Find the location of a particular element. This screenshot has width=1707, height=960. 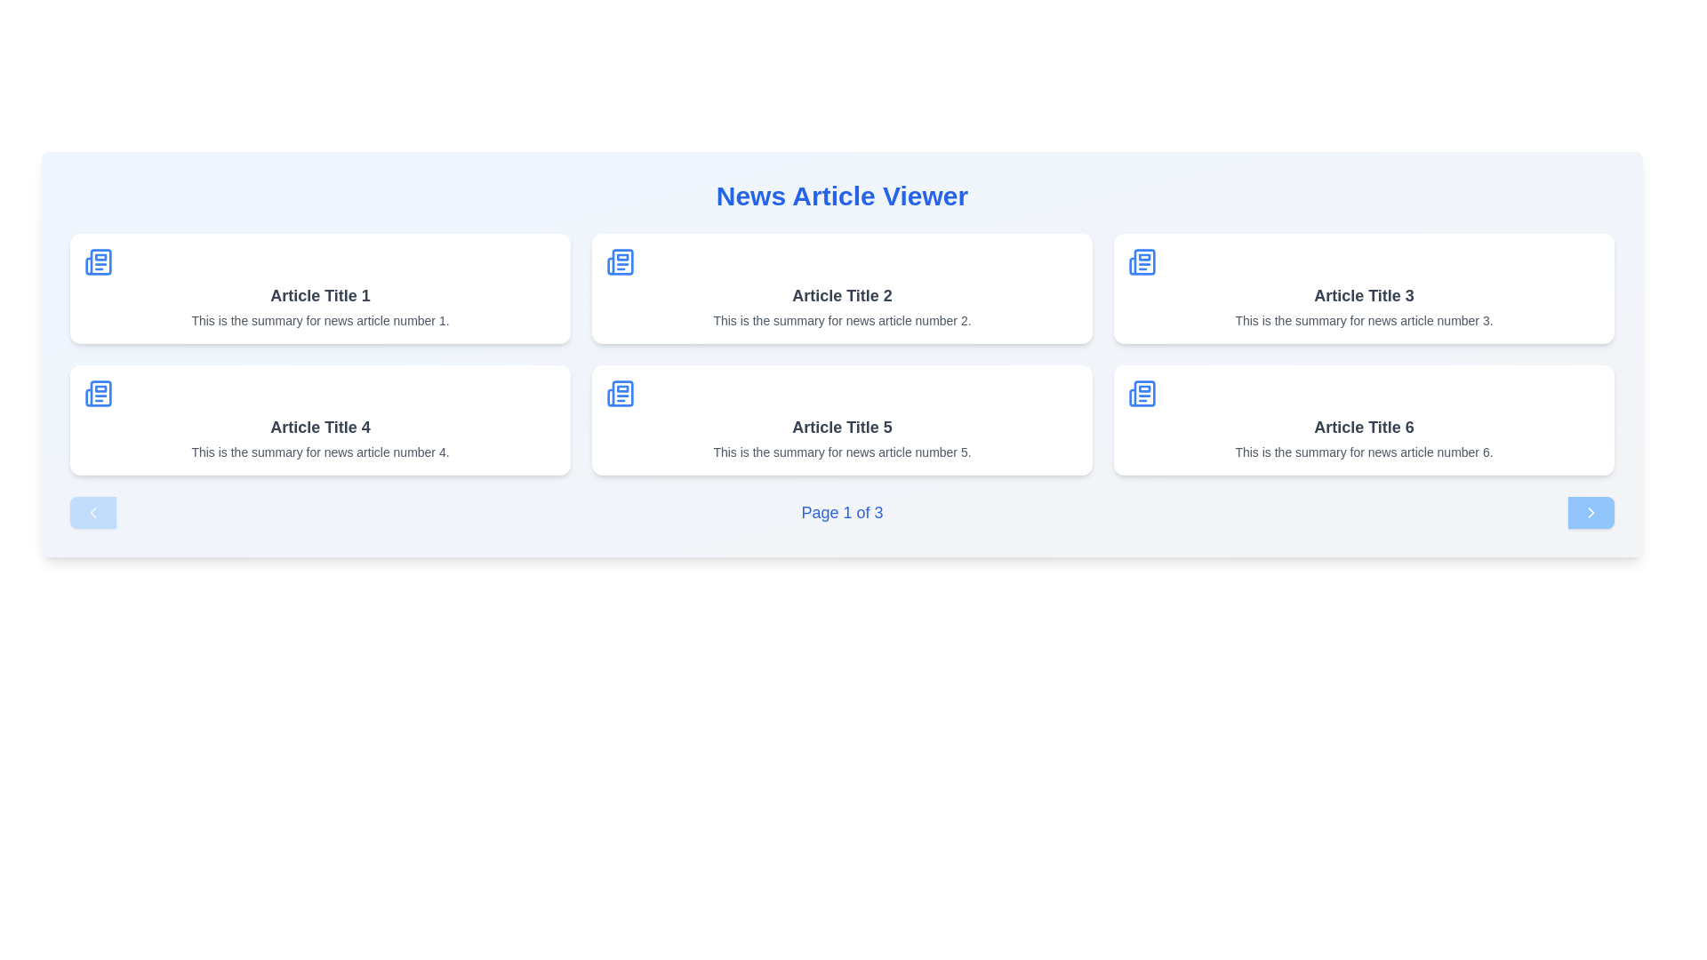

the newspaper icon that represents the article section located in the first card of the second row, above the title 'Article Title 4' is located at coordinates (97, 393).